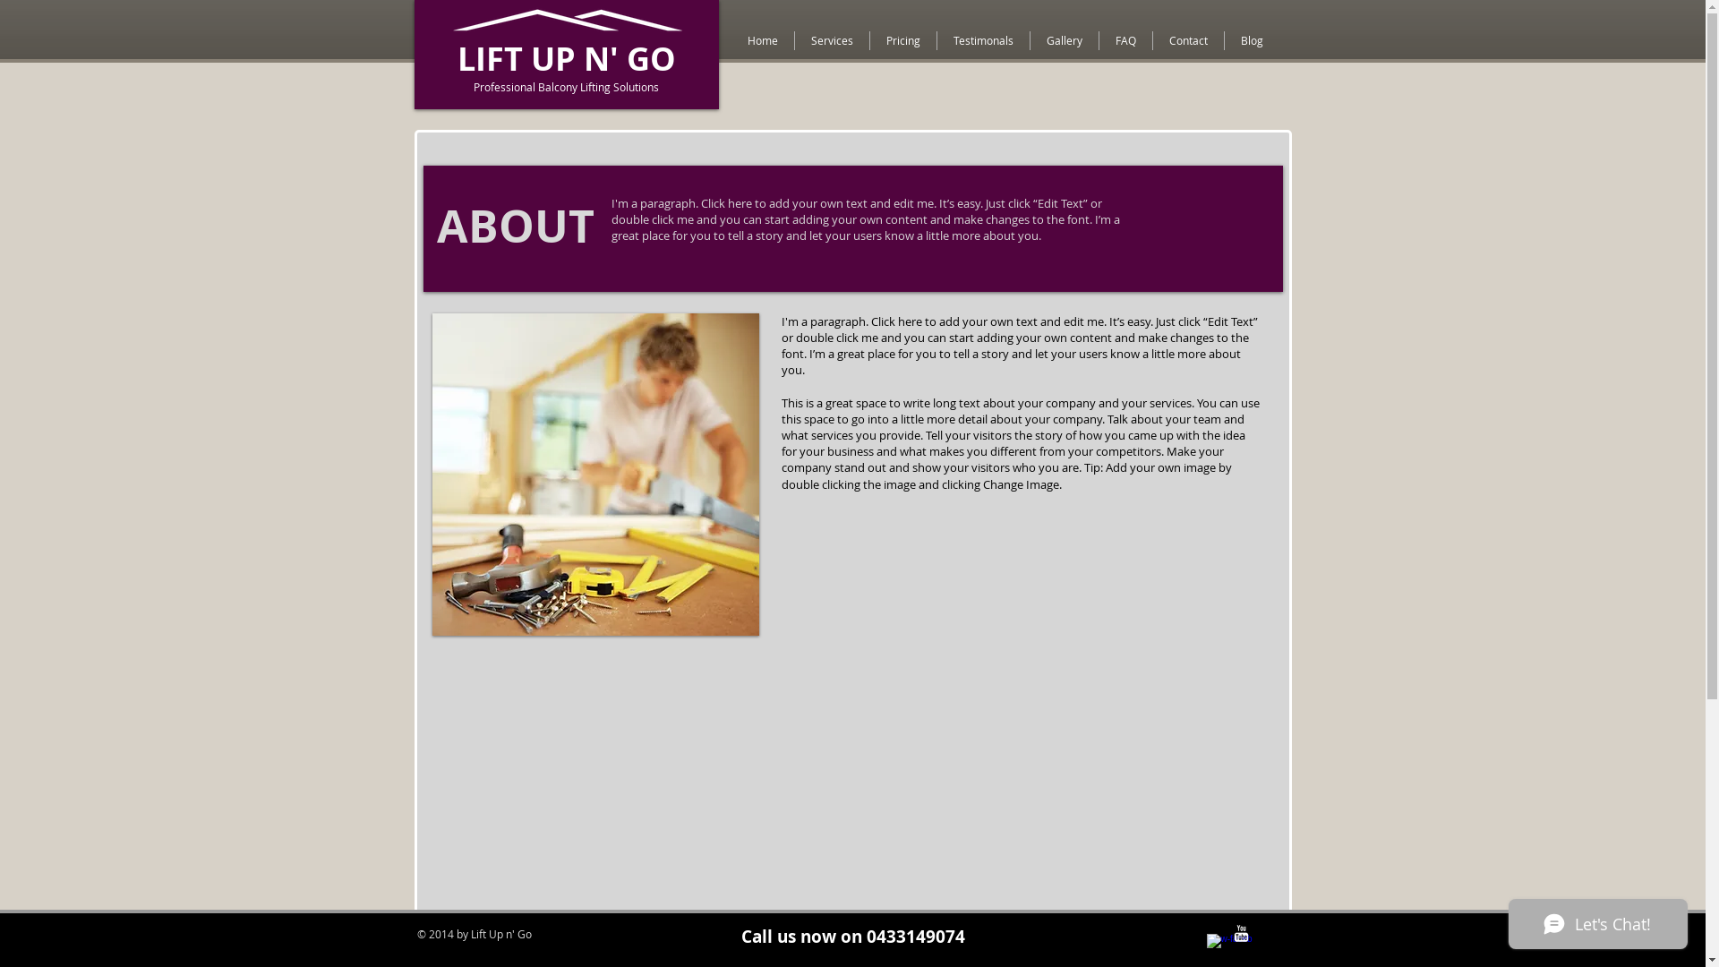 Image resolution: width=1719 pixels, height=967 pixels. Describe the element at coordinates (1152, 40) in the screenshot. I see `'Contact'` at that location.